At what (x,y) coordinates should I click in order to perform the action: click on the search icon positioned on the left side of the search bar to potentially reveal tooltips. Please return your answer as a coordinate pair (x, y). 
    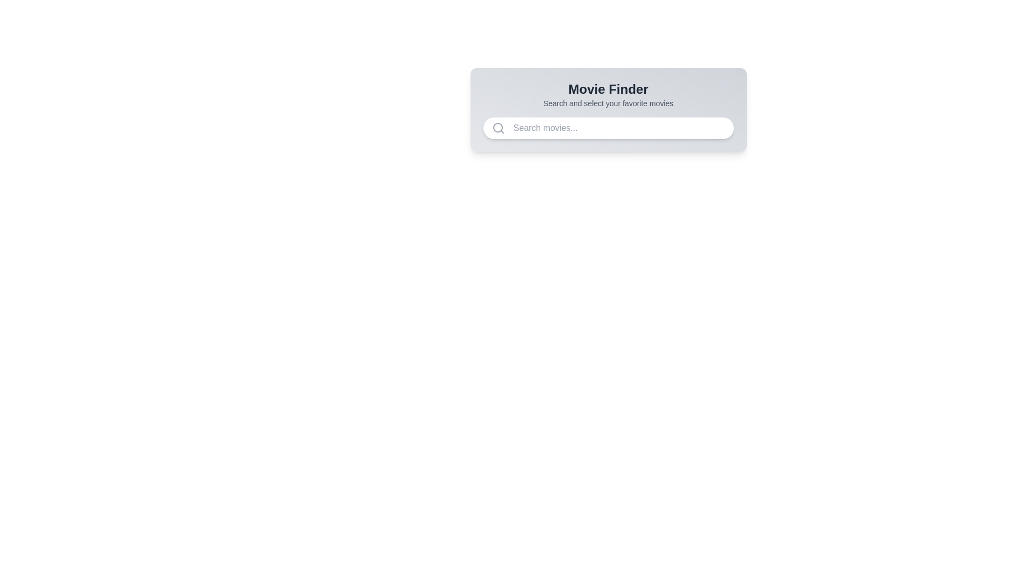
    Looking at the image, I should click on (497, 128).